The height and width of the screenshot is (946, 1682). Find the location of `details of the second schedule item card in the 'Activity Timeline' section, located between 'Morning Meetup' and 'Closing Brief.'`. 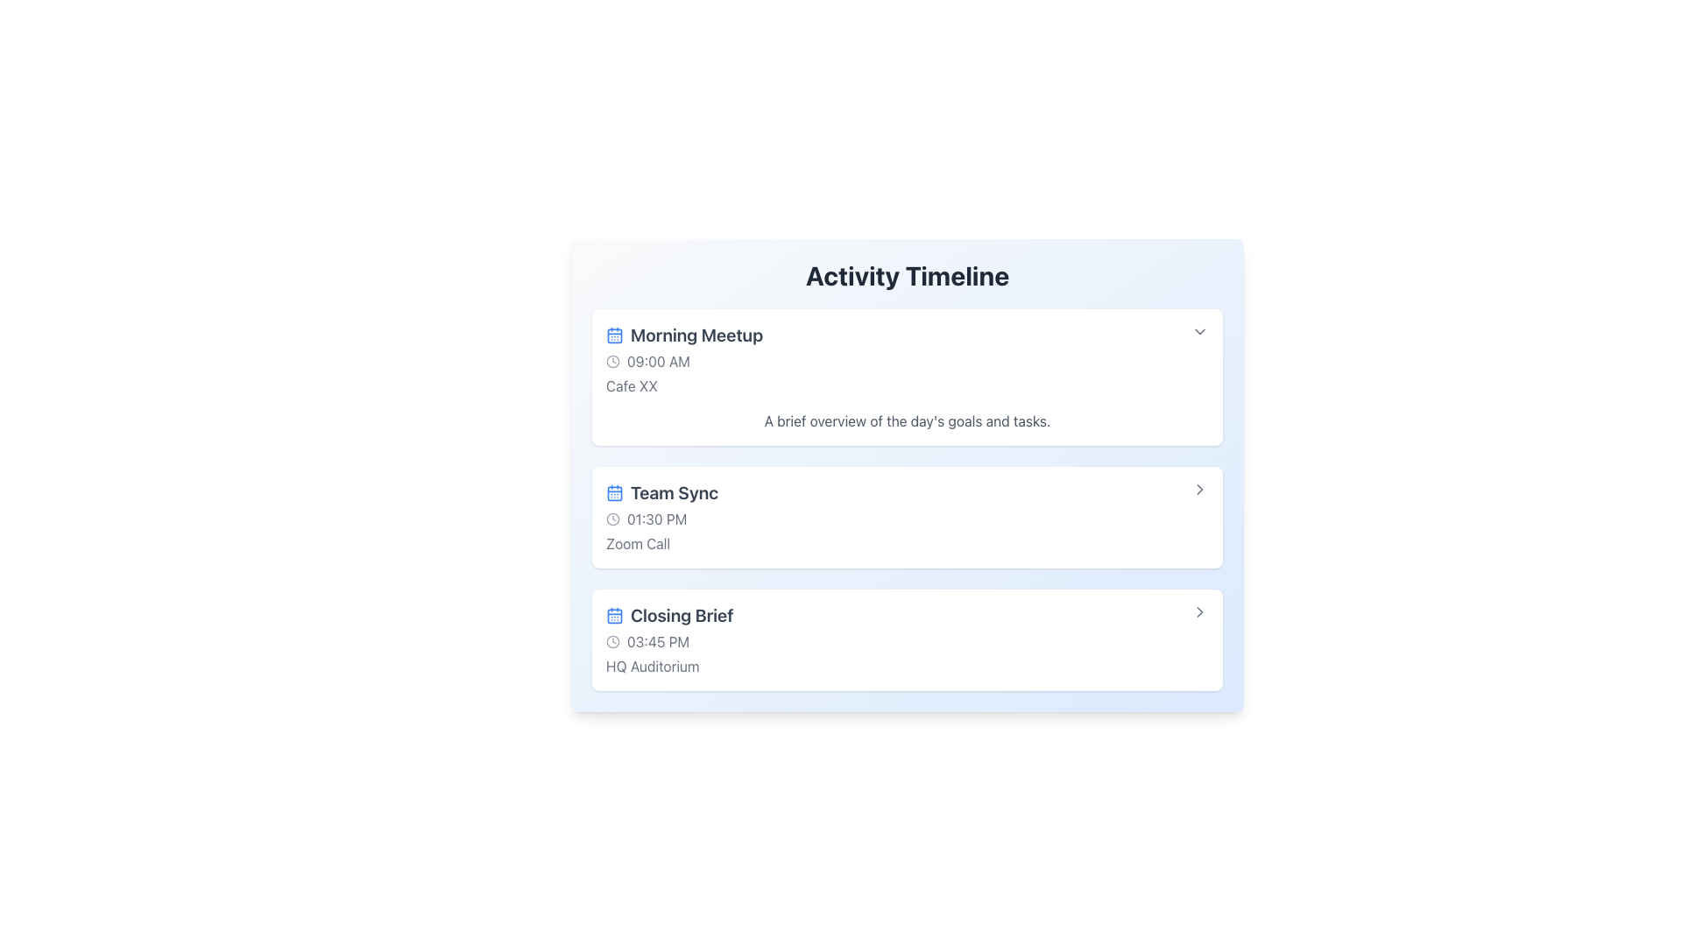

details of the second schedule item card in the 'Activity Timeline' section, located between 'Morning Meetup' and 'Closing Brief.' is located at coordinates (908, 499).